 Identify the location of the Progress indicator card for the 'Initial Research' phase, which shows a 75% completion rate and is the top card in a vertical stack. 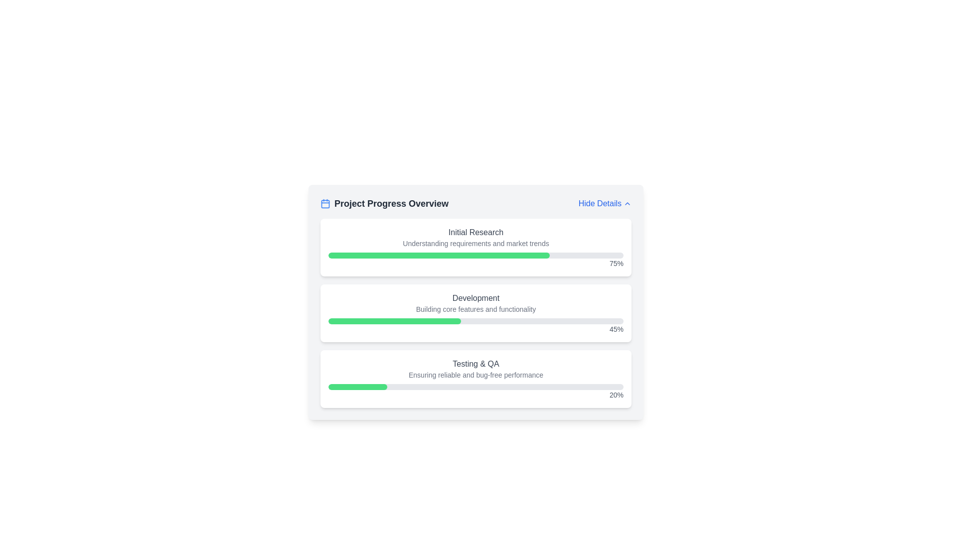
(476, 247).